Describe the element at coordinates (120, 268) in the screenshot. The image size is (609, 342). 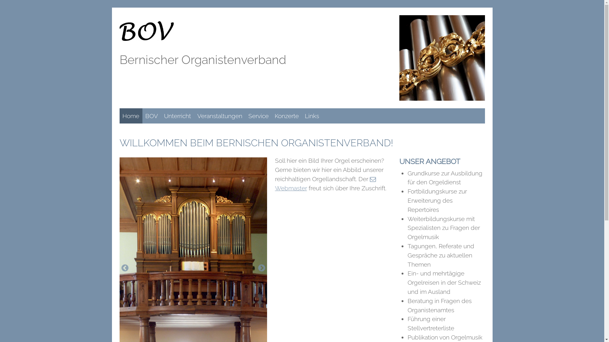
I see `'Previous'` at that location.